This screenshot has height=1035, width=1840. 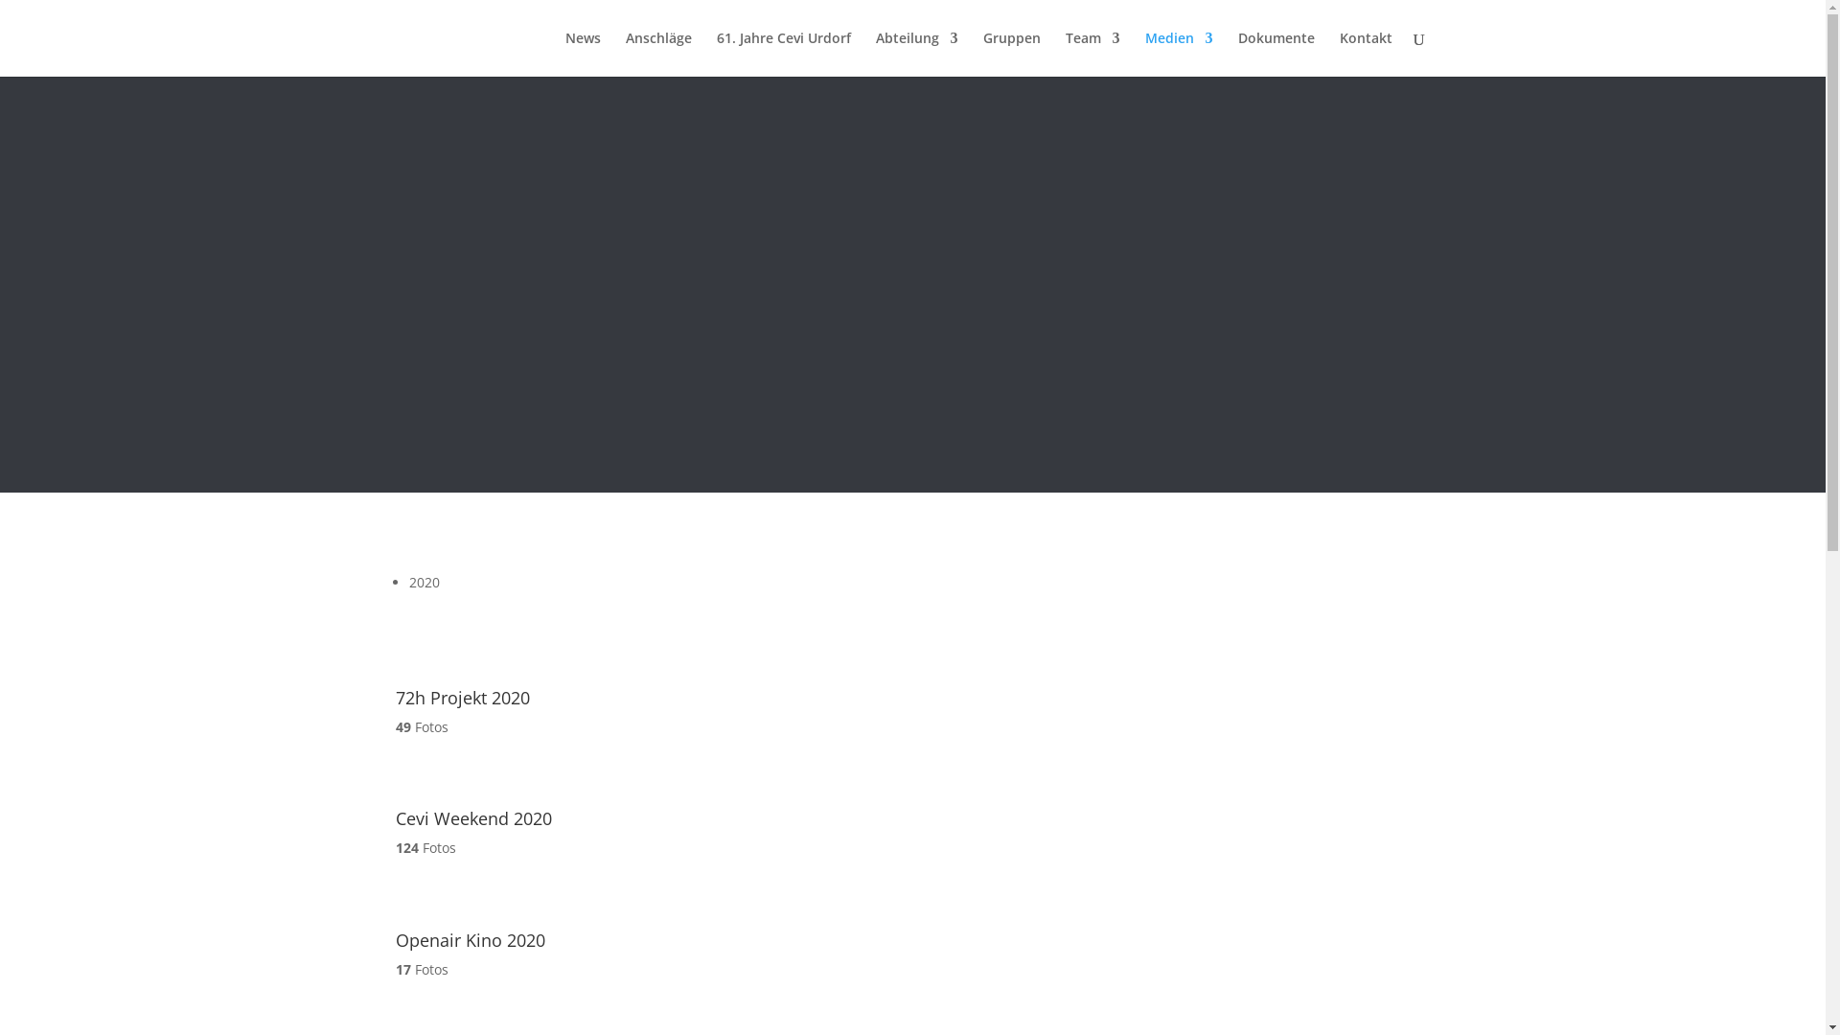 I want to click on 'News', so click(x=582, y=53).